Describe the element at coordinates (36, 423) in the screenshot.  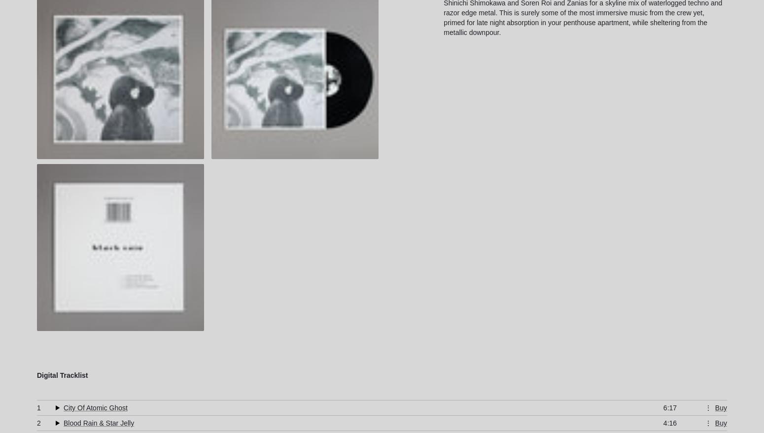
I see `'2'` at that location.